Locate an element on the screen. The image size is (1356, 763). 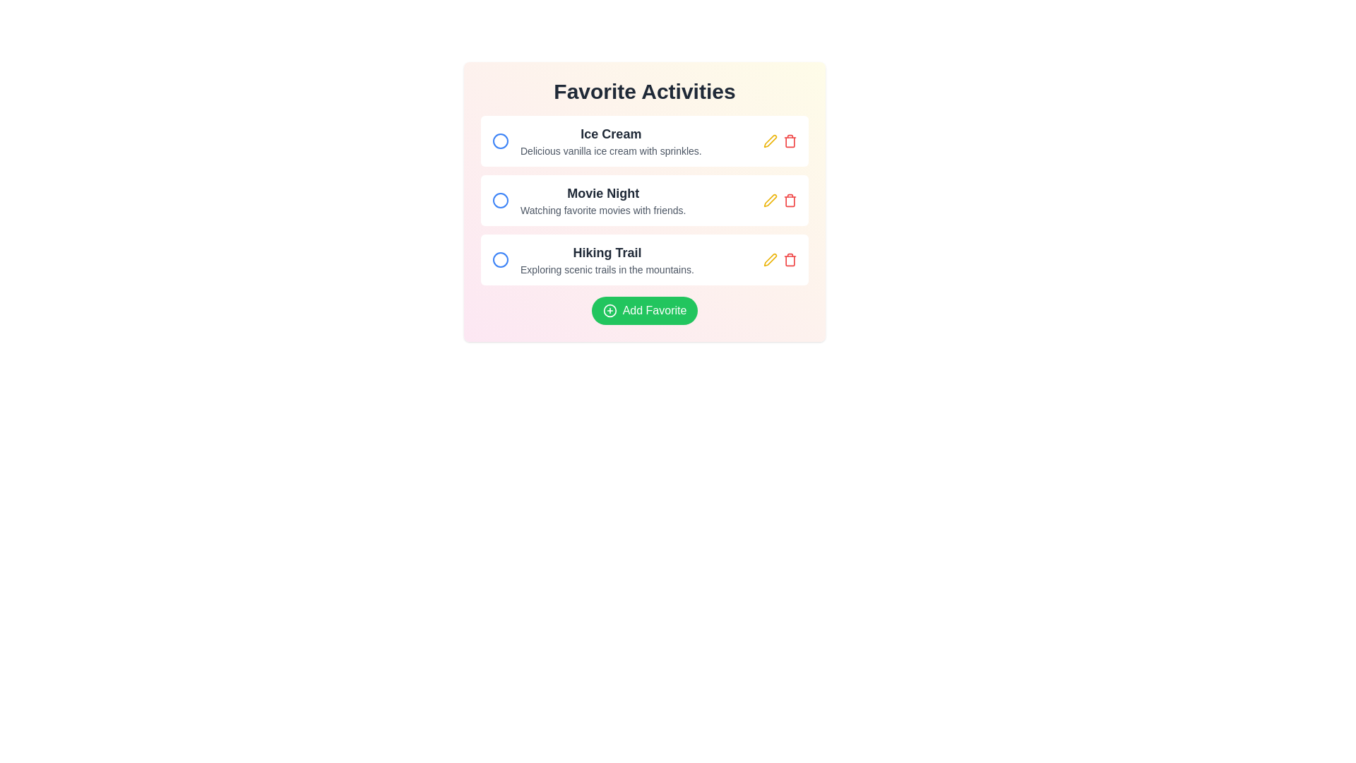
the descriptive Text label for the 'Hiking Trail' activity, which is positioned below the 'Hiking Trail' title and above other activity items like 'Ice Cream' and 'Movie Night' is located at coordinates (607, 269).